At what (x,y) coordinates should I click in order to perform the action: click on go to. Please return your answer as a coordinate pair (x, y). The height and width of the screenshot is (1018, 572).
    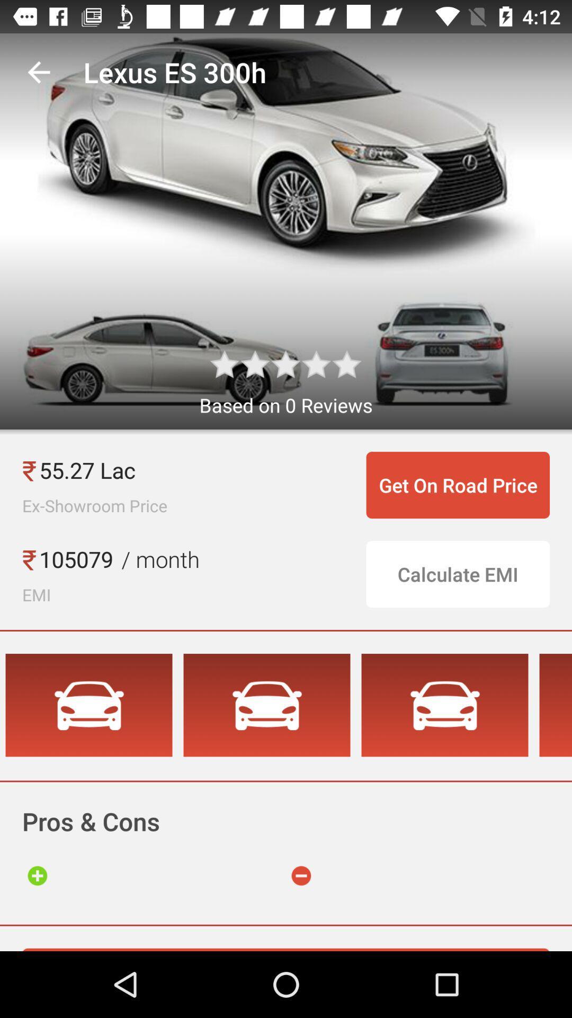
    Looking at the image, I should click on (37, 875).